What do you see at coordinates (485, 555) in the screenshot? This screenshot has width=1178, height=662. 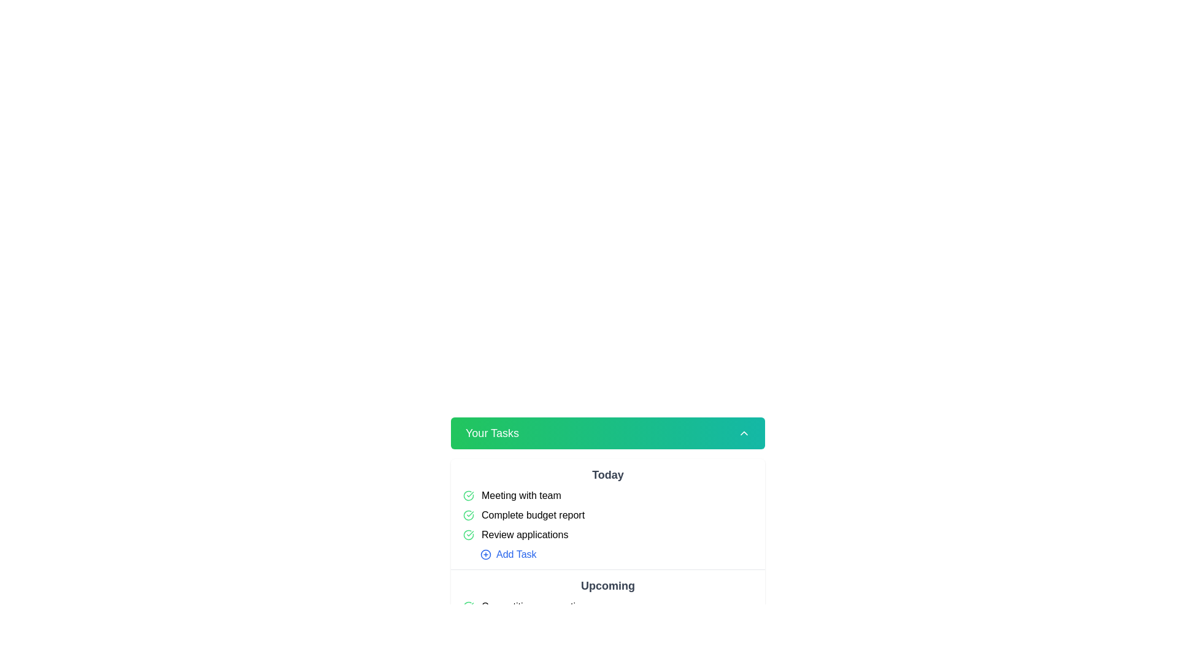 I see `the icon representing the action of adding a task, which is located to the left of the 'Add Task' text in the 'Add Task' button within the 'Your Tasks' interface section` at bounding box center [485, 555].